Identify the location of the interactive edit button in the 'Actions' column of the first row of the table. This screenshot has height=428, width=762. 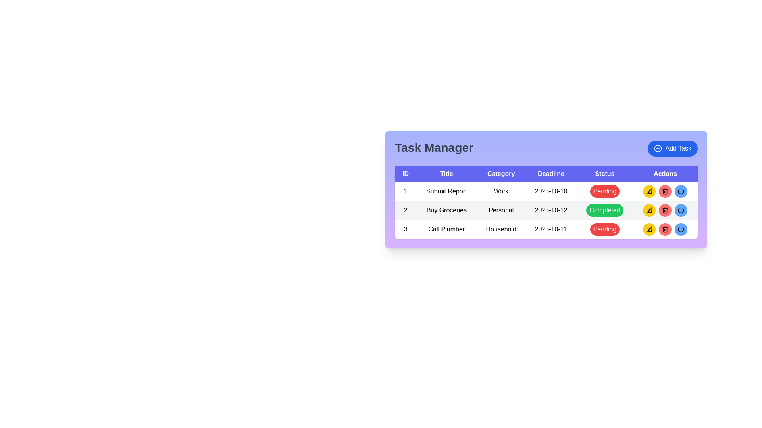
(649, 191).